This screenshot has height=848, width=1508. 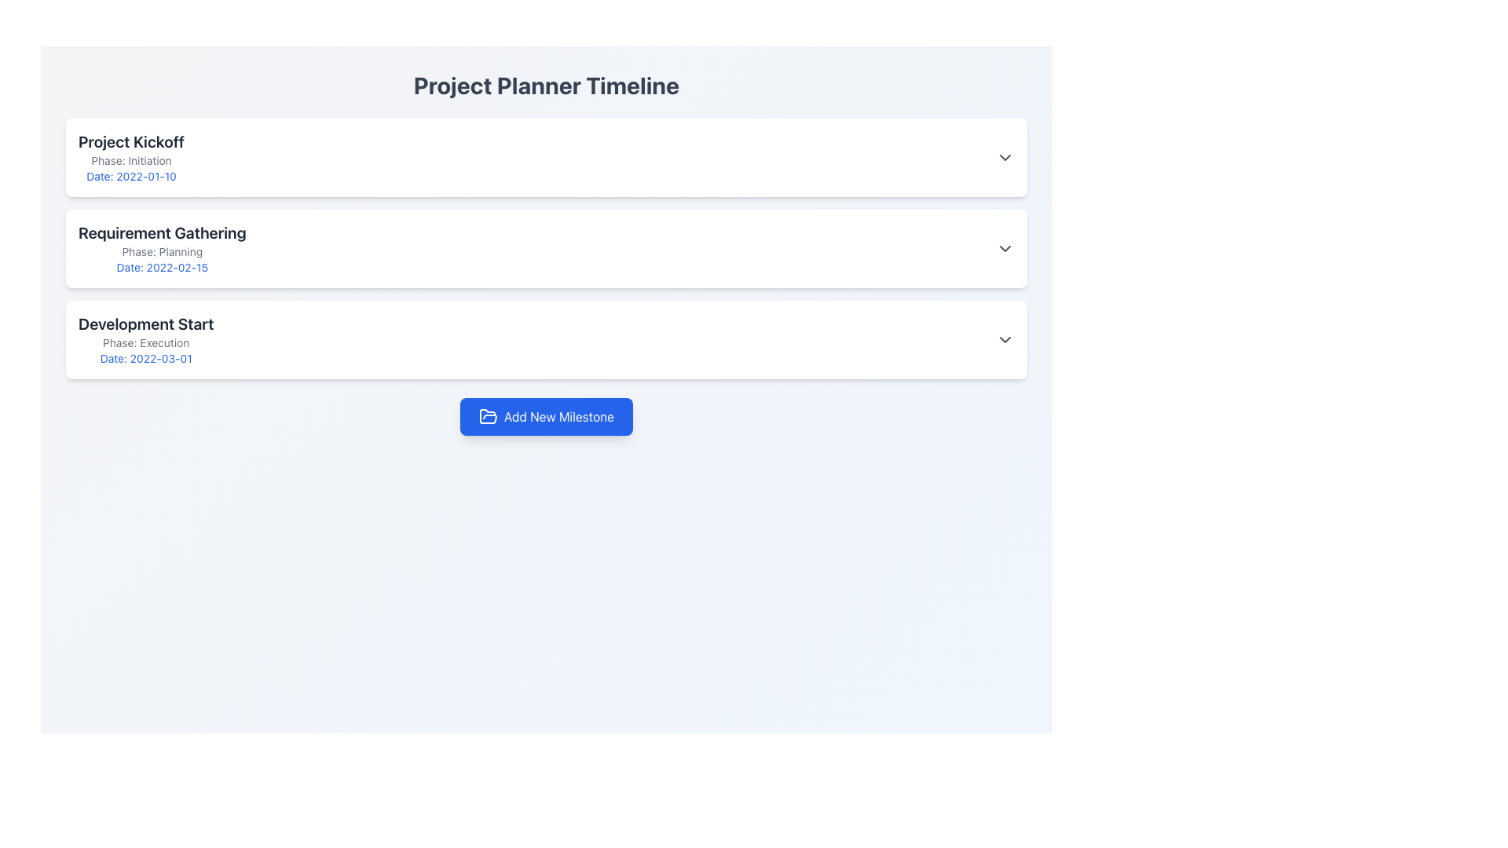 I want to click on text content of the 'Requirement Gathering' text block located under the 'Project Planner Timeline' header, which includes the title, phase, and date, so click(x=162, y=247).